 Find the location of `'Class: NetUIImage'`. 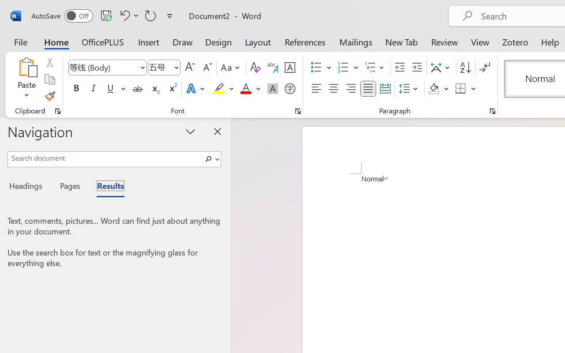

'Class: NetUIImage' is located at coordinates (208, 159).